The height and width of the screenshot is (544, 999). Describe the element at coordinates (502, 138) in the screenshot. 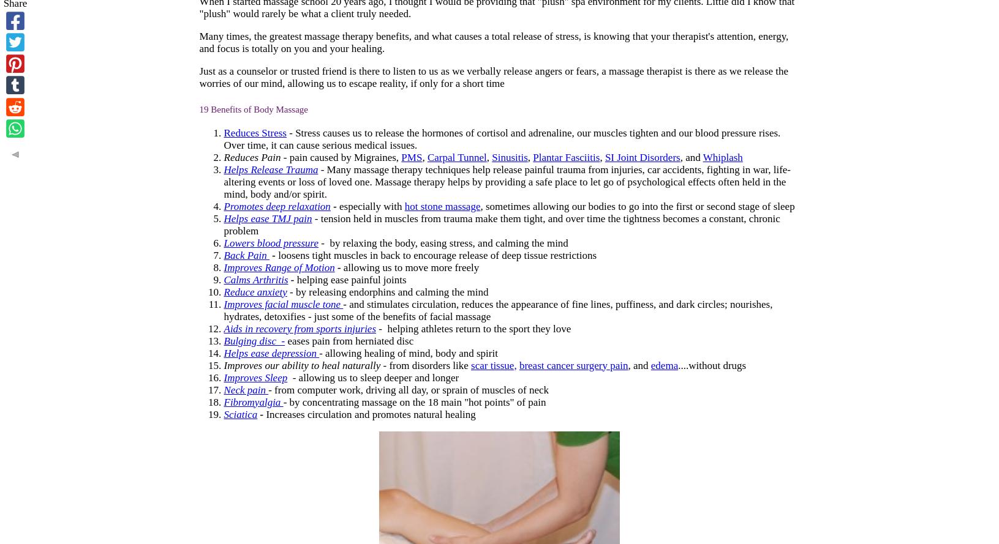

I see `'- Stress causes us to release the hormones of cortisol and adrenaline, our muscles tighten and our blood pressure rises. Over time, it can cause serious medical issues.'` at that location.